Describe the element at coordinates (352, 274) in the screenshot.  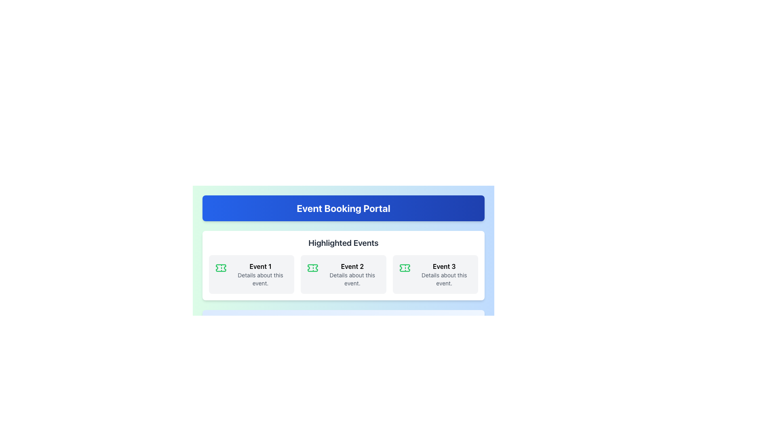
I see `text content of the TextBlock displaying 'Event 2' and its description 'Details about this event' located in the 'Highlighted Events' section of the 'Event Booking Portal'` at that location.